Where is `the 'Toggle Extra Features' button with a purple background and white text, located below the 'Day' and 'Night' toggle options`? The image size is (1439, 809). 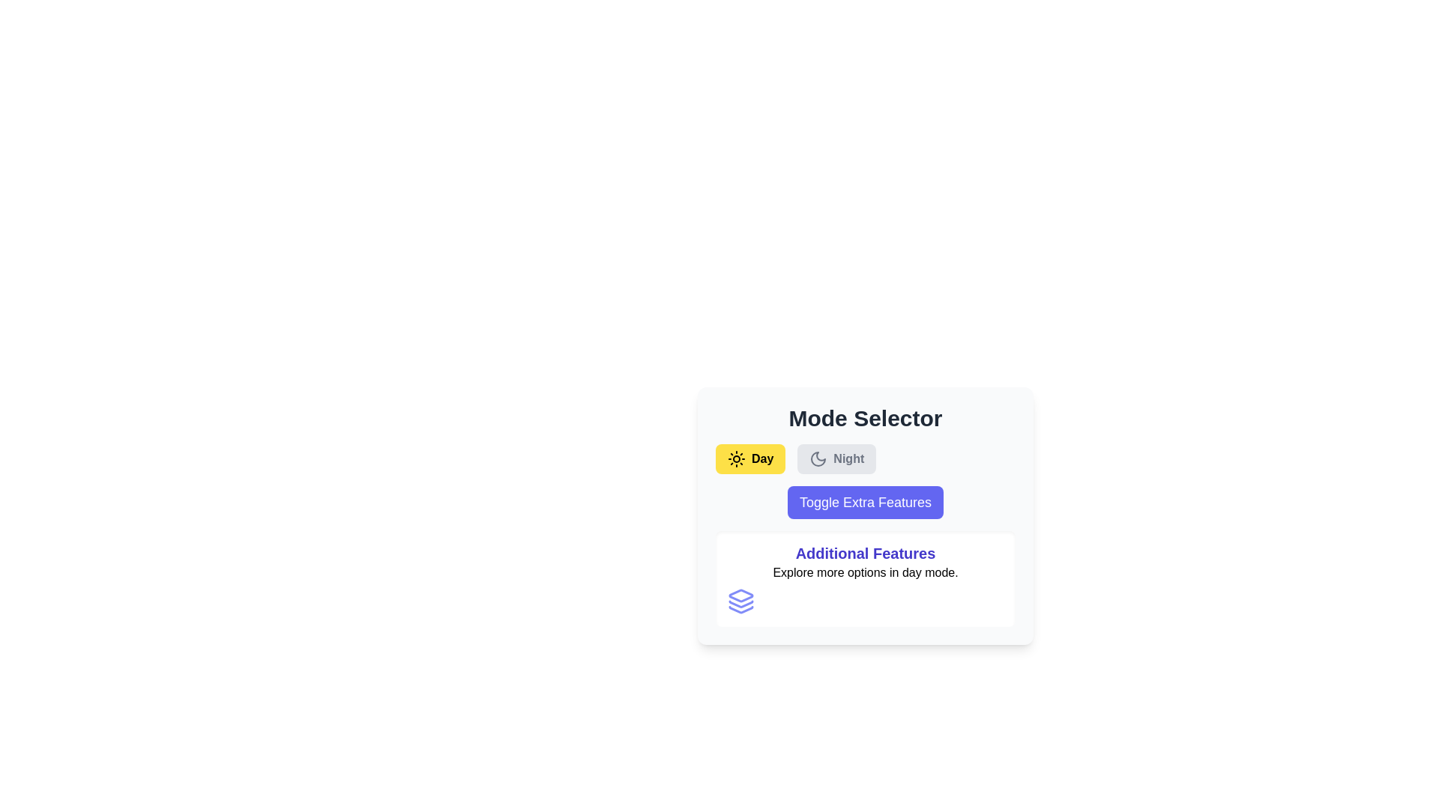 the 'Toggle Extra Features' button with a purple background and white text, located below the 'Day' and 'Night' toggle options is located at coordinates (866, 515).